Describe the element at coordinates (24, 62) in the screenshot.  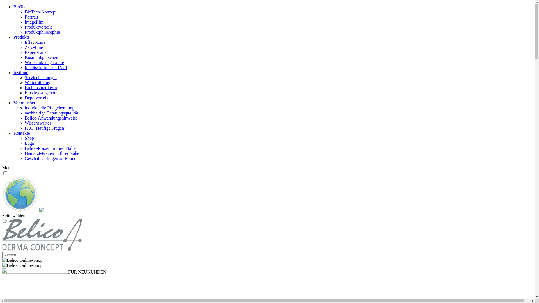
I see `'Wirksamkeitsgarantie'` at that location.